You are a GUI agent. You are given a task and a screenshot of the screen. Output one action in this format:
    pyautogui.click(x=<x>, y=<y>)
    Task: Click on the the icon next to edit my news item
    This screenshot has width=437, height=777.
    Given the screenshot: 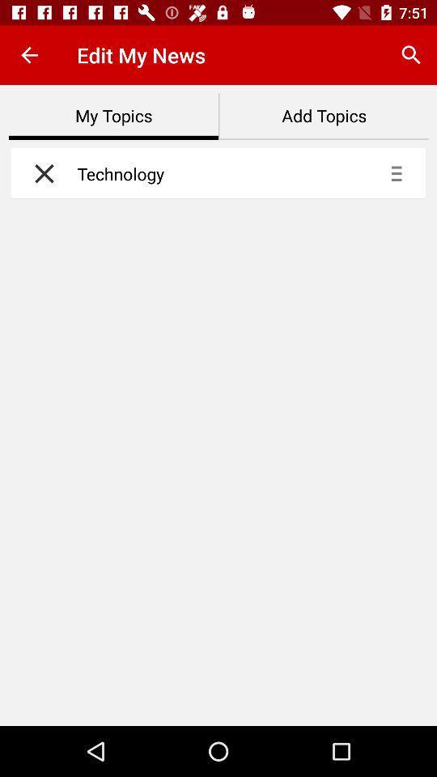 What is the action you would take?
    pyautogui.click(x=411, y=55)
    